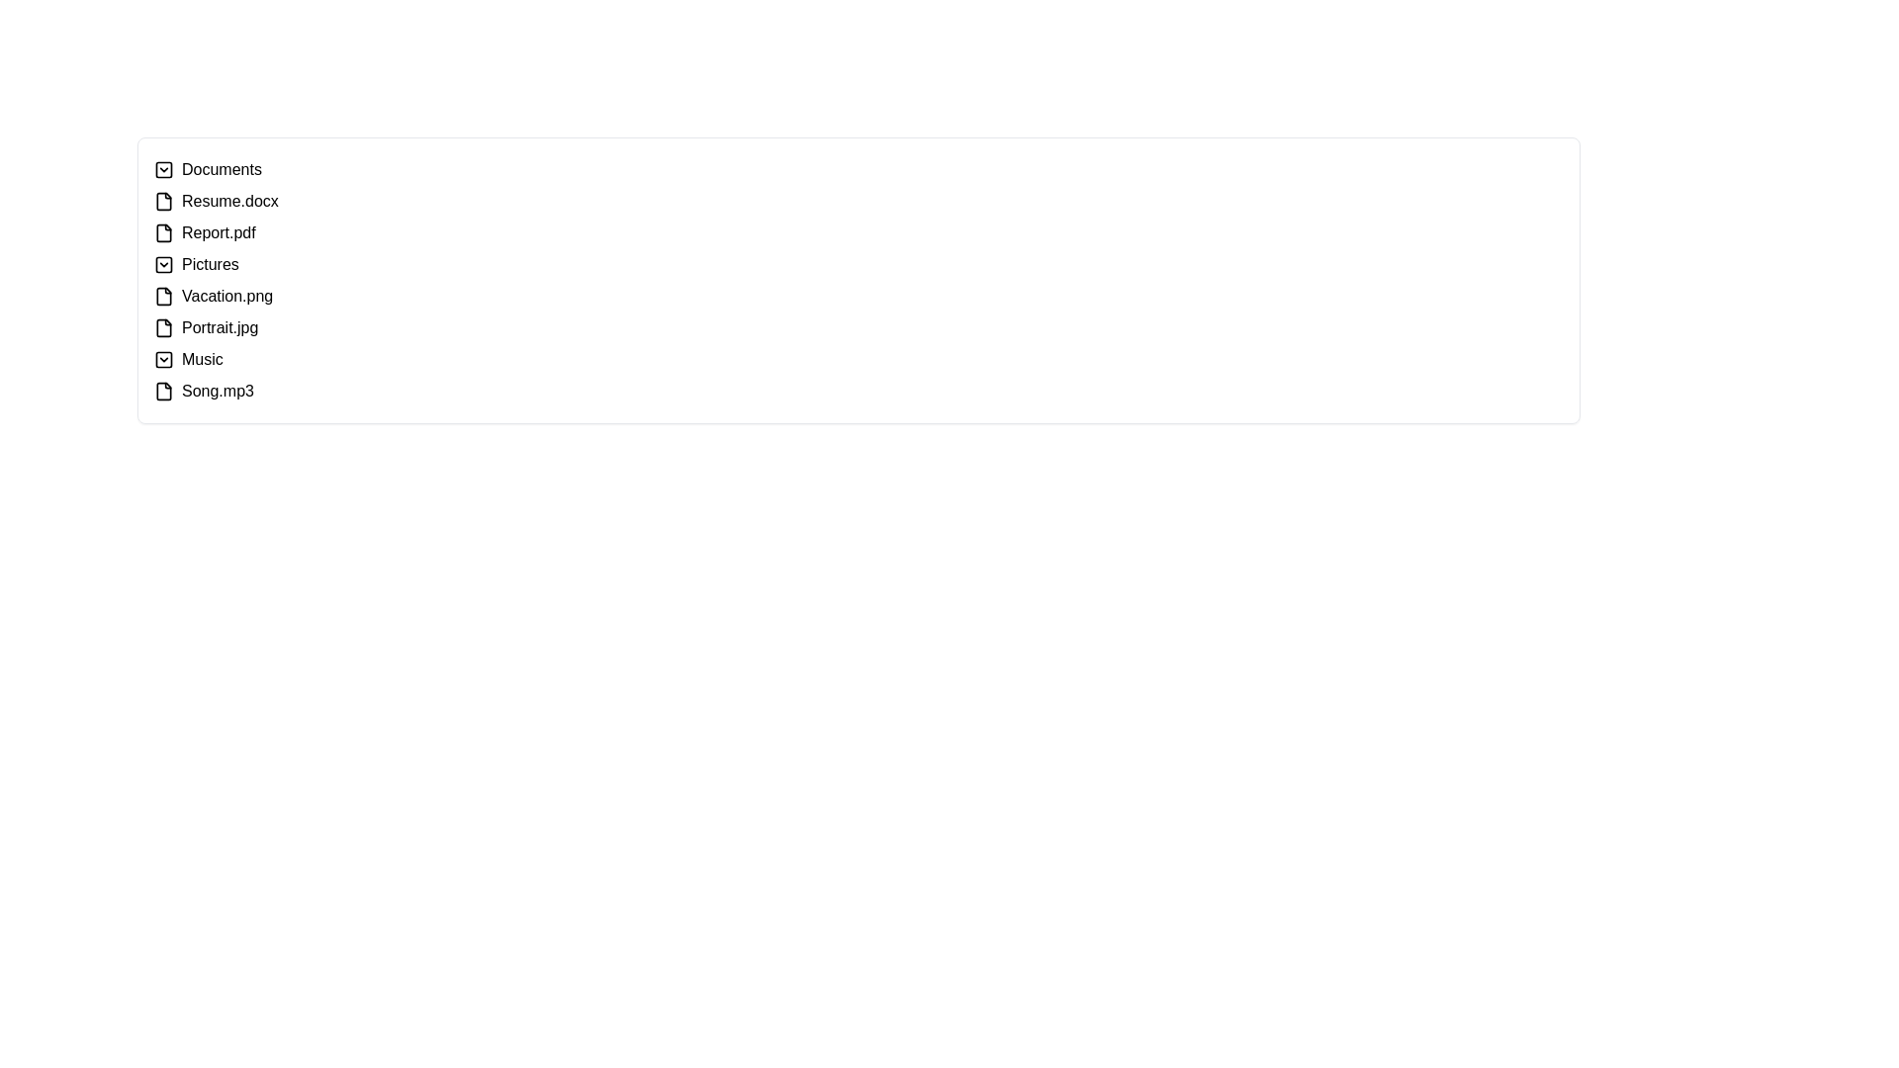 The image size is (1899, 1068). What do you see at coordinates (164, 326) in the screenshot?
I see `the SVG-based file icon representing 'Portrait.jpg', which is the sixth item in the list of image files` at bounding box center [164, 326].